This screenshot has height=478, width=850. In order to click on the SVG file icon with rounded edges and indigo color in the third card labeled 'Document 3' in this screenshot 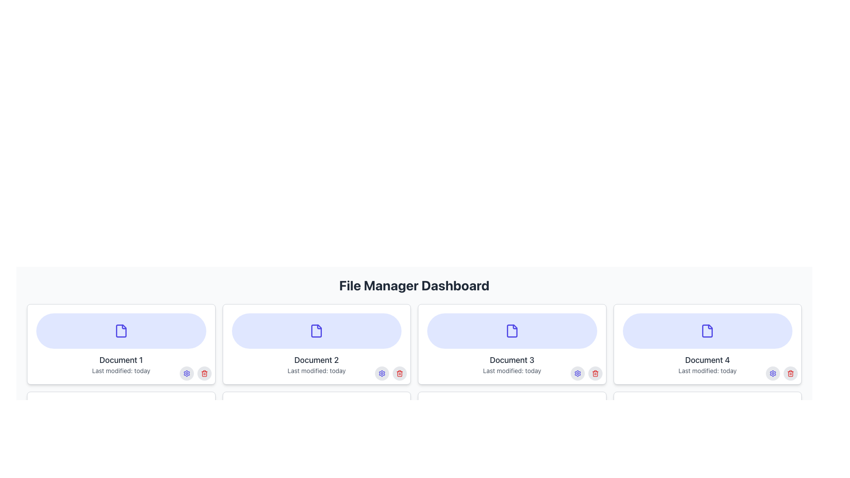, I will do `click(512, 331)`.